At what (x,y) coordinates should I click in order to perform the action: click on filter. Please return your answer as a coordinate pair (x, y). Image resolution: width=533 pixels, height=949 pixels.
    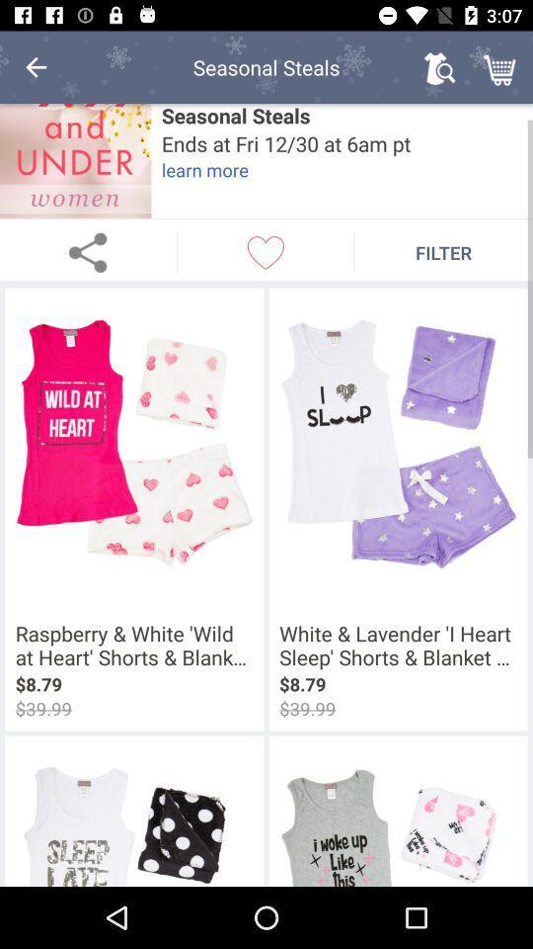
    Looking at the image, I should click on (443, 251).